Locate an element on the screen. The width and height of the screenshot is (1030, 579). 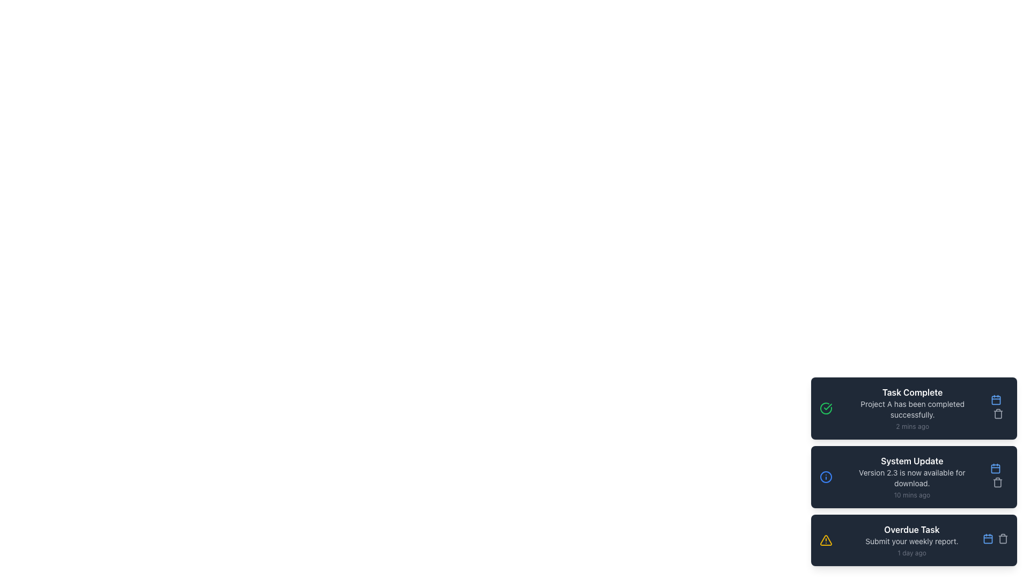
the decorative SVG circle element representing the 'System Update' notification, which is located to the left of the notification text is located at coordinates (826, 477).